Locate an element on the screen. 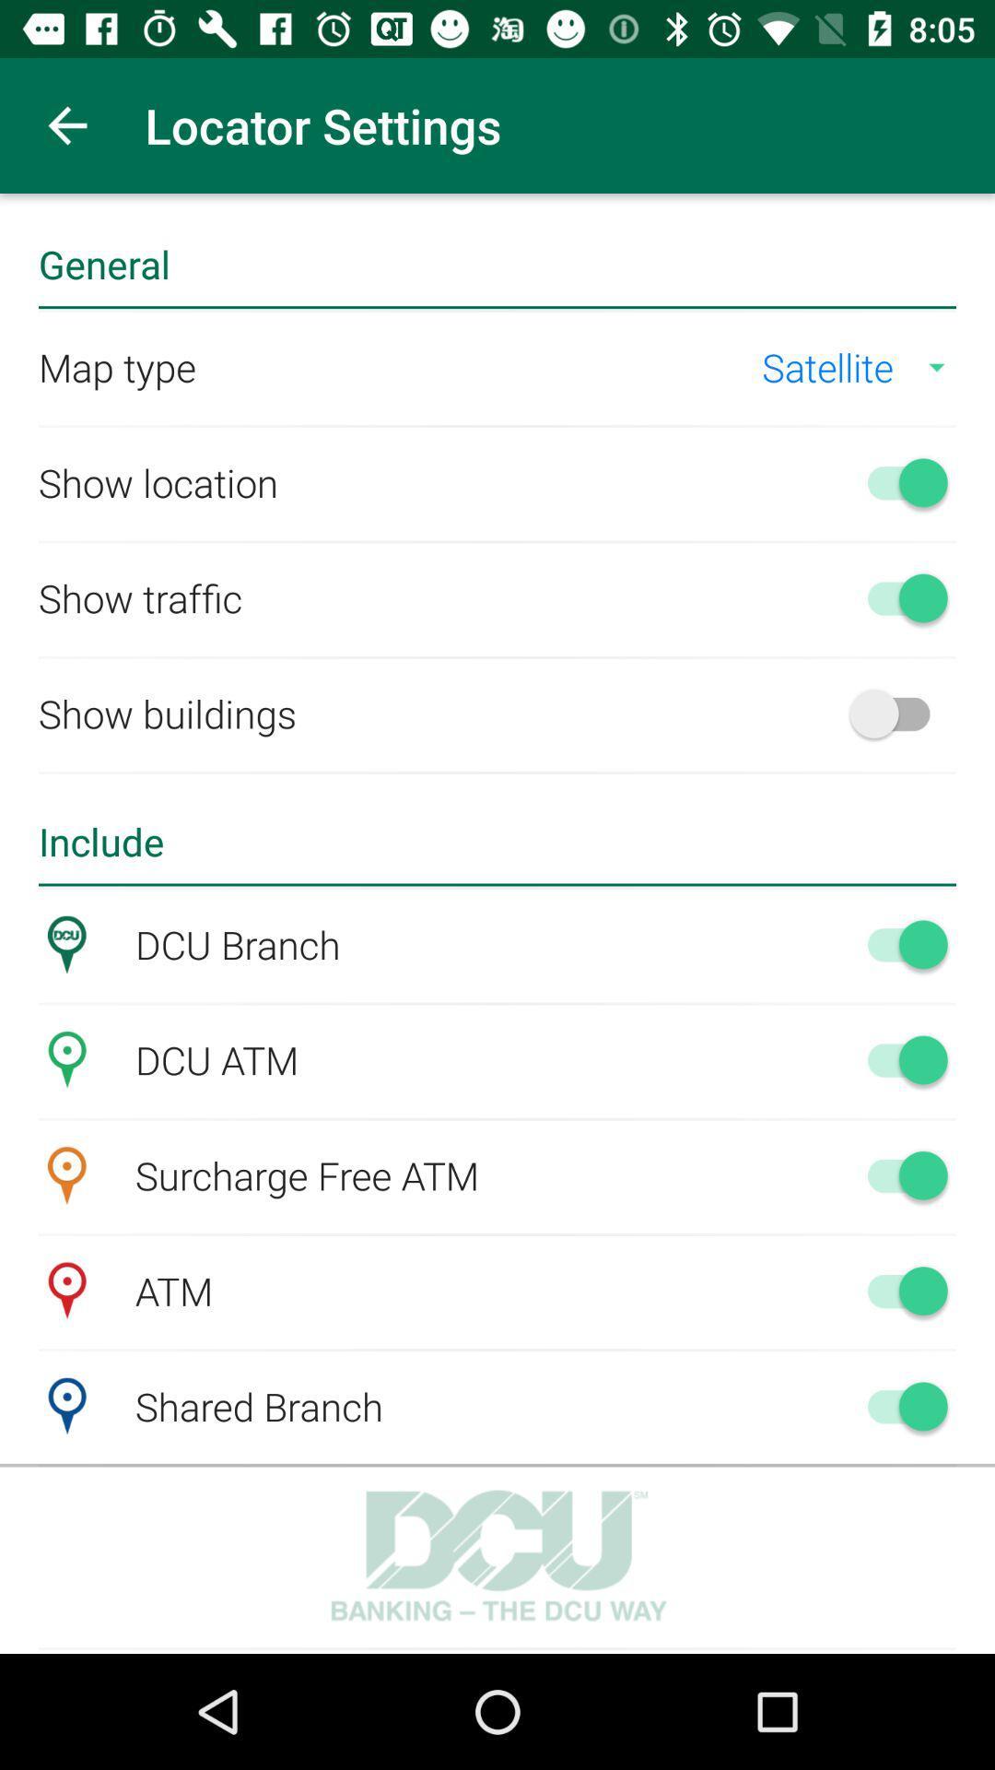  the item above the general item is located at coordinates (66, 124).